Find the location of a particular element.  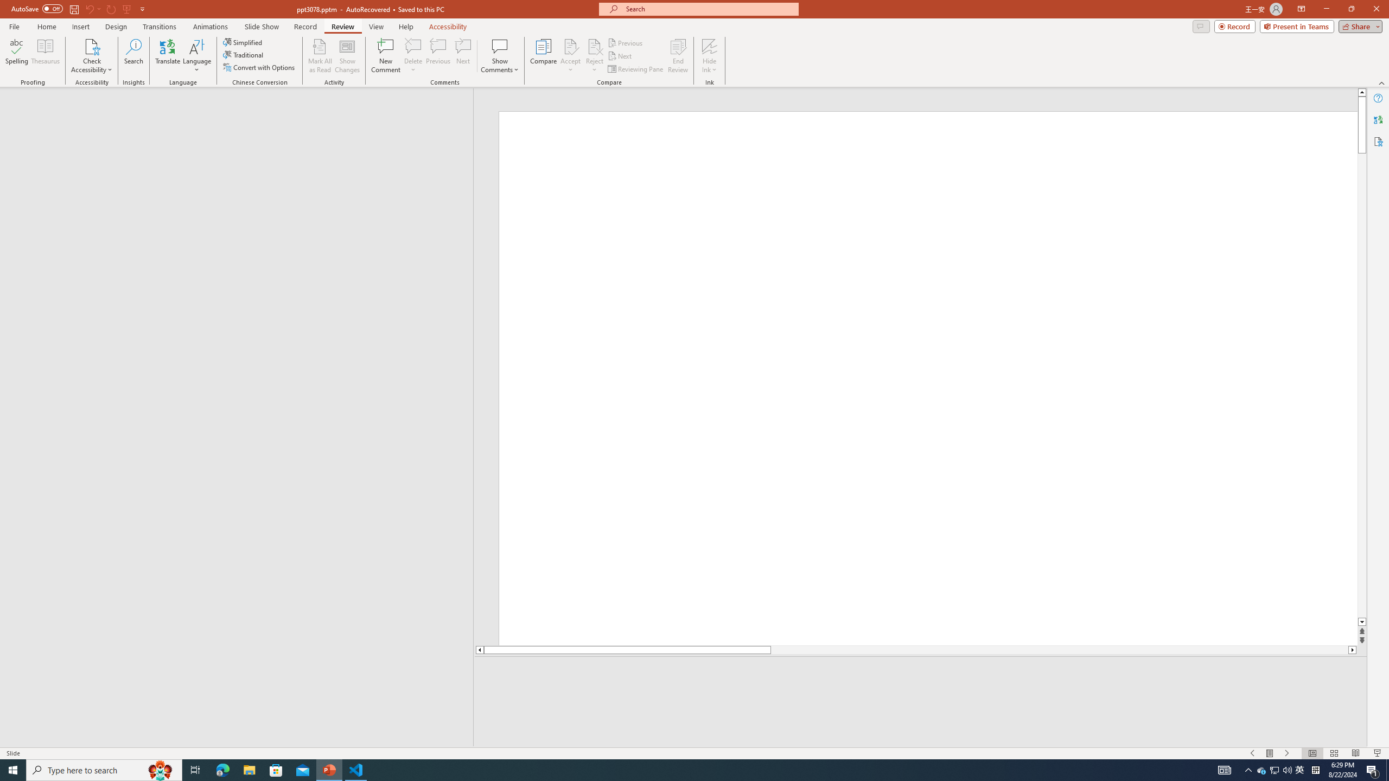

'Convert with Options...' is located at coordinates (259, 66).